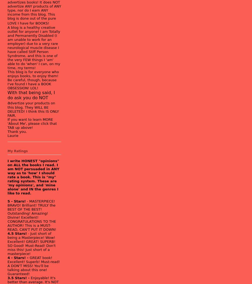 The image size is (252, 284). What do you see at coordinates (31, 97) in the screenshot?
I see `'With that being said, I do ask you do NOT a'` at bounding box center [31, 97].